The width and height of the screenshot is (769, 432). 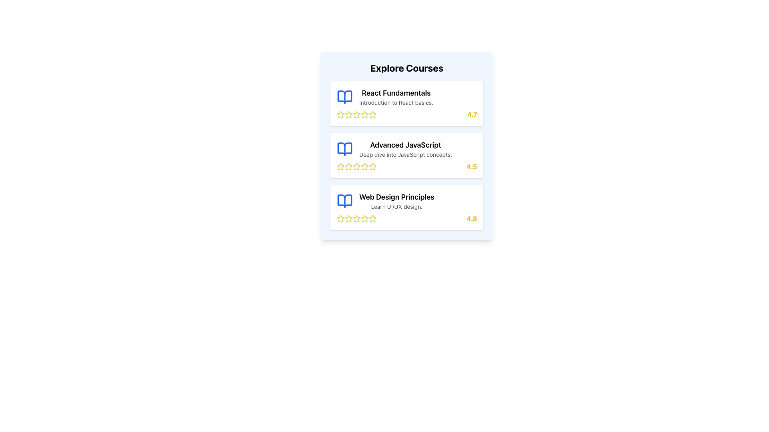 What do you see at coordinates (348, 219) in the screenshot?
I see `third star icon in the rating row under the 'Web Design Principles' course, which is styled with a yellow fill and a thin border` at bounding box center [348, 219].